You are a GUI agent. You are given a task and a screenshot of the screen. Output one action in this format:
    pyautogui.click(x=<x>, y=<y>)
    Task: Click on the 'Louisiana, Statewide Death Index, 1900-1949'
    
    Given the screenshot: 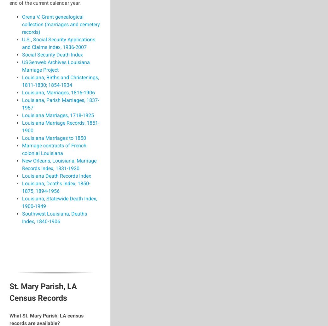 What is the action you would take?
    pyautogui.click(x=59, y=202)
    